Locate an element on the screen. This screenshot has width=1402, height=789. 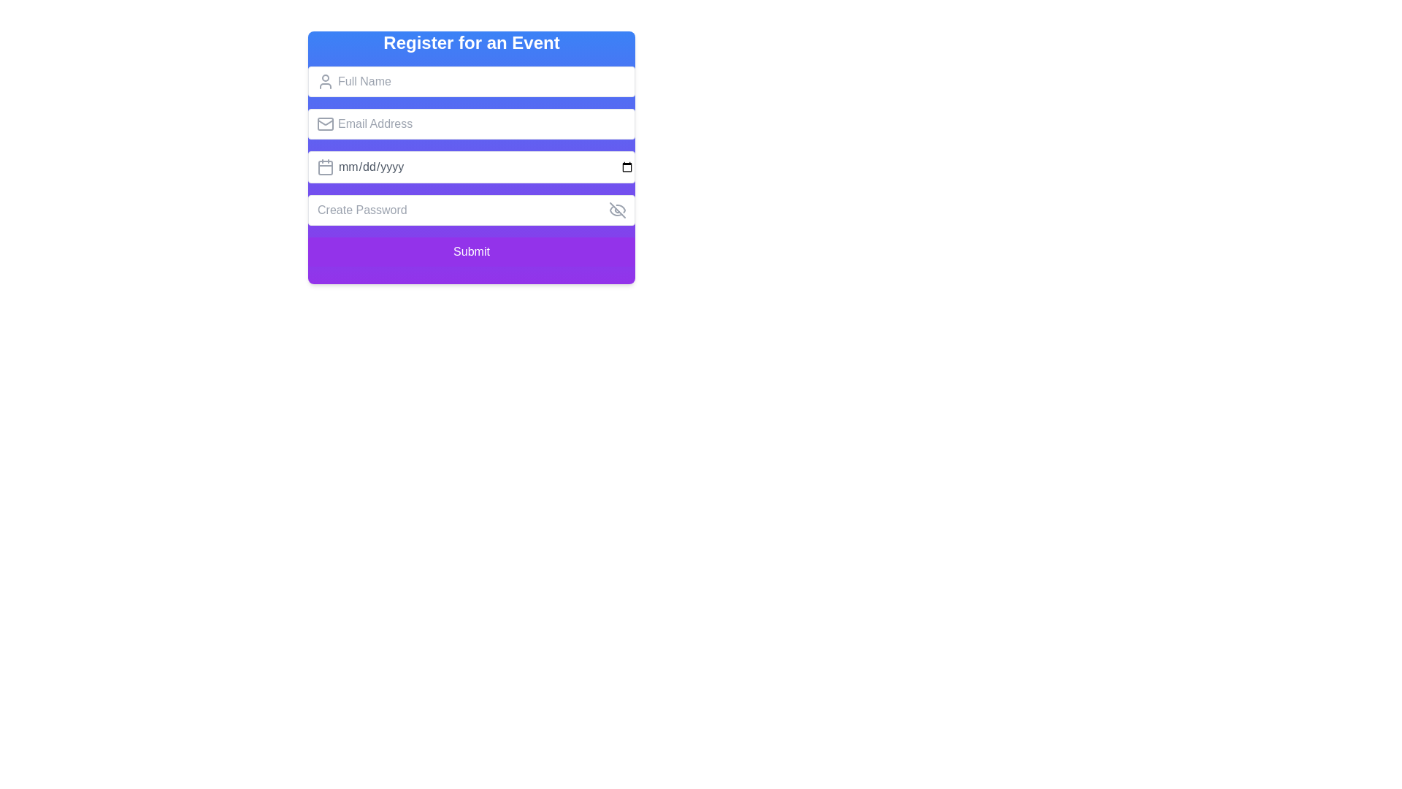
SVG rectangle that forms the main body of the calendar icon located to the left of the 'mm/dd/yyyy' input field is located at coordinates (325, 167).